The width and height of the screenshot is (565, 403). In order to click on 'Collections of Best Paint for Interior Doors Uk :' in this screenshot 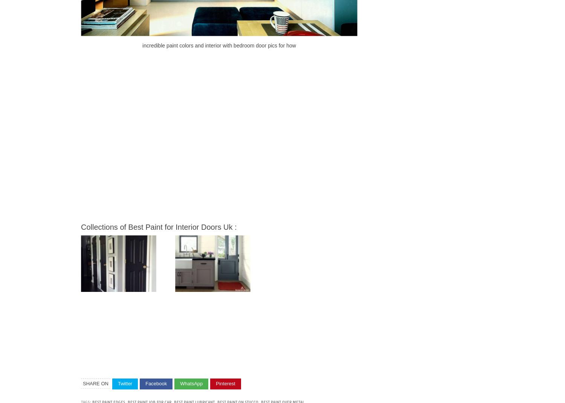, I will do `click(159, 226)`.